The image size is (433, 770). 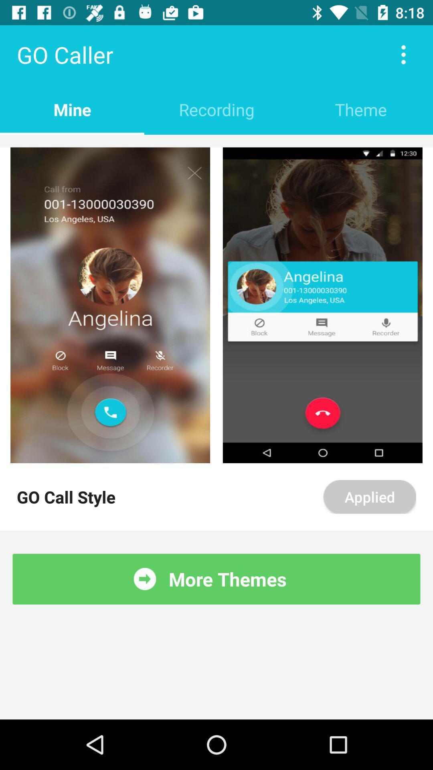 I want to click on icon next to go call style, so click(x=370, y=496).